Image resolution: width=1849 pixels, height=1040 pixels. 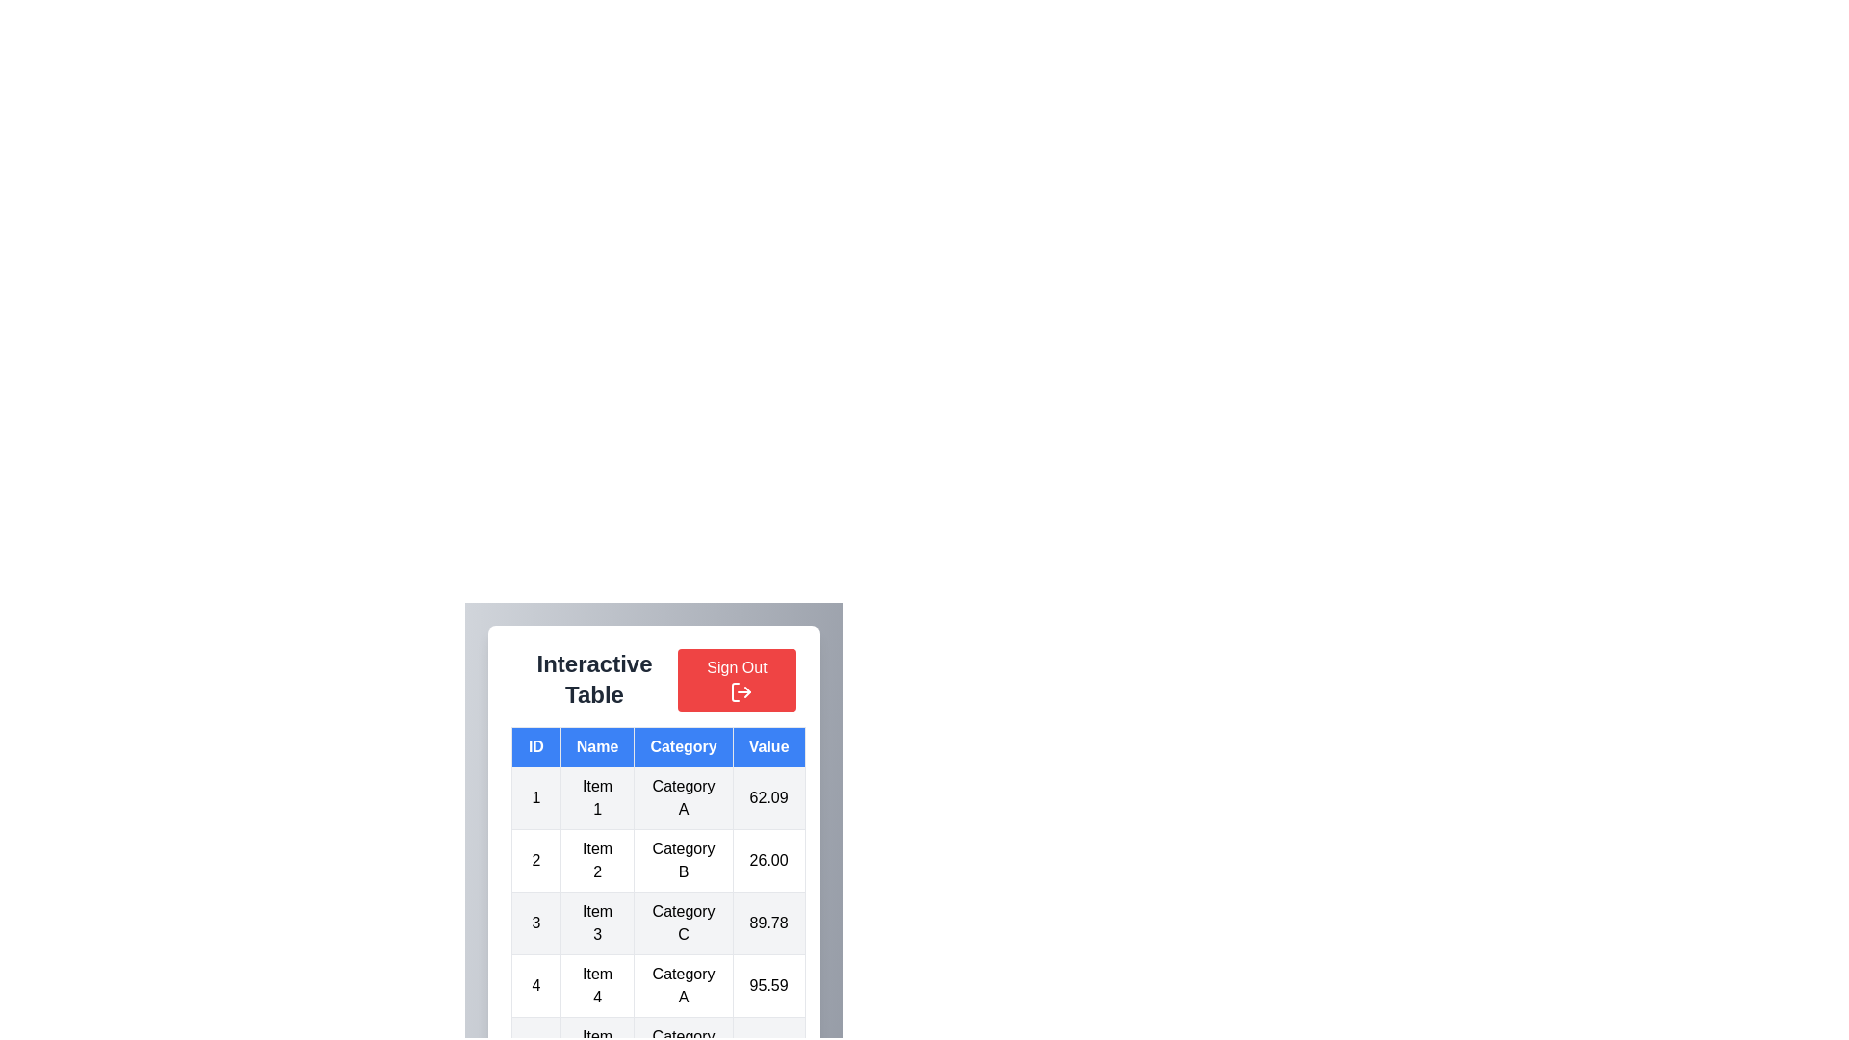 What do you see at coordinates (768, 745) in the screenshot?
I see `the Value to sort the table by that column` at bounding box center [768, 745].